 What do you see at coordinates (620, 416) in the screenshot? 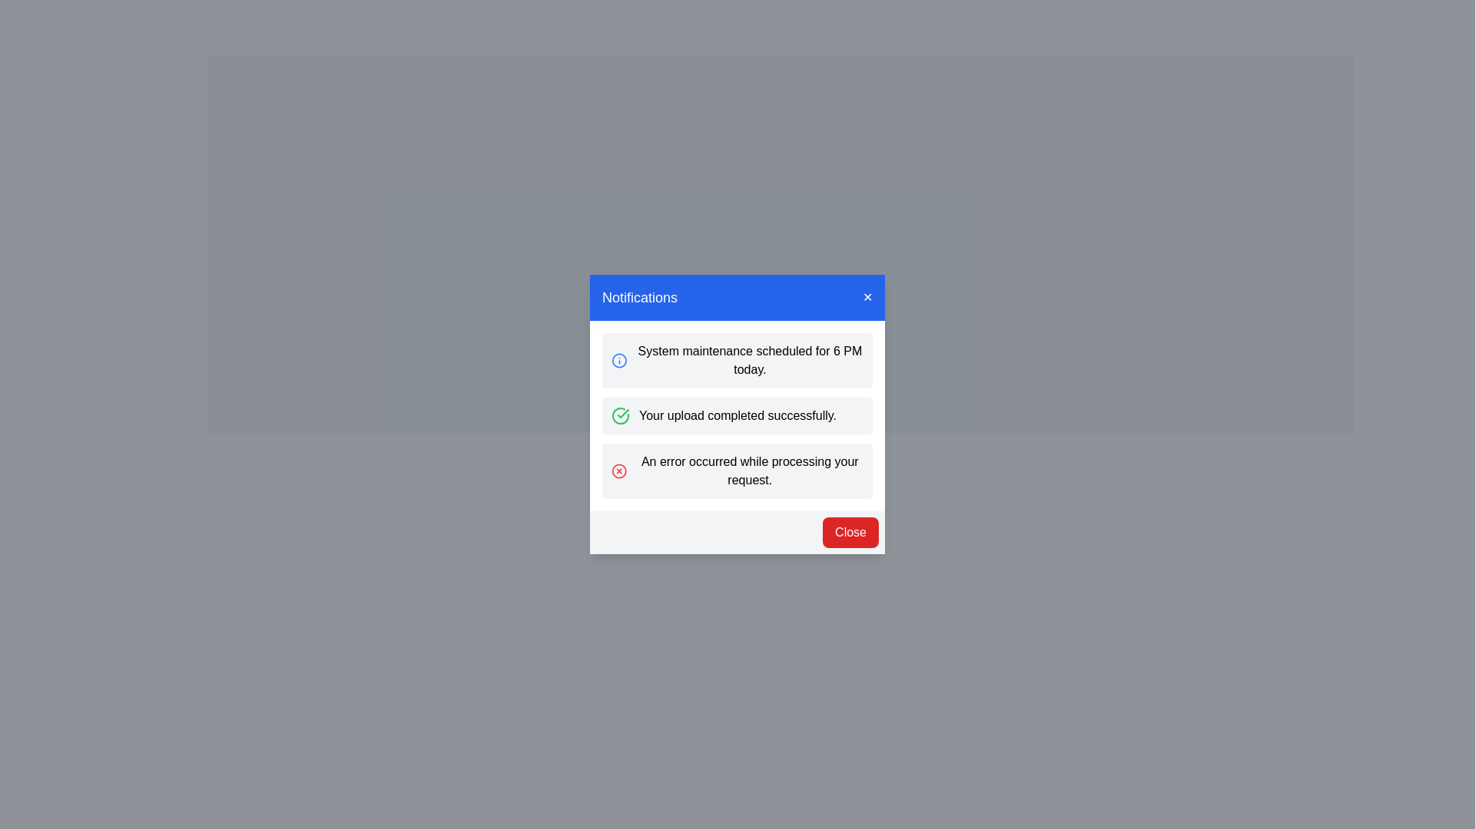
I see `the icon associated with the notification type Success` at bounding box center [620, 416].